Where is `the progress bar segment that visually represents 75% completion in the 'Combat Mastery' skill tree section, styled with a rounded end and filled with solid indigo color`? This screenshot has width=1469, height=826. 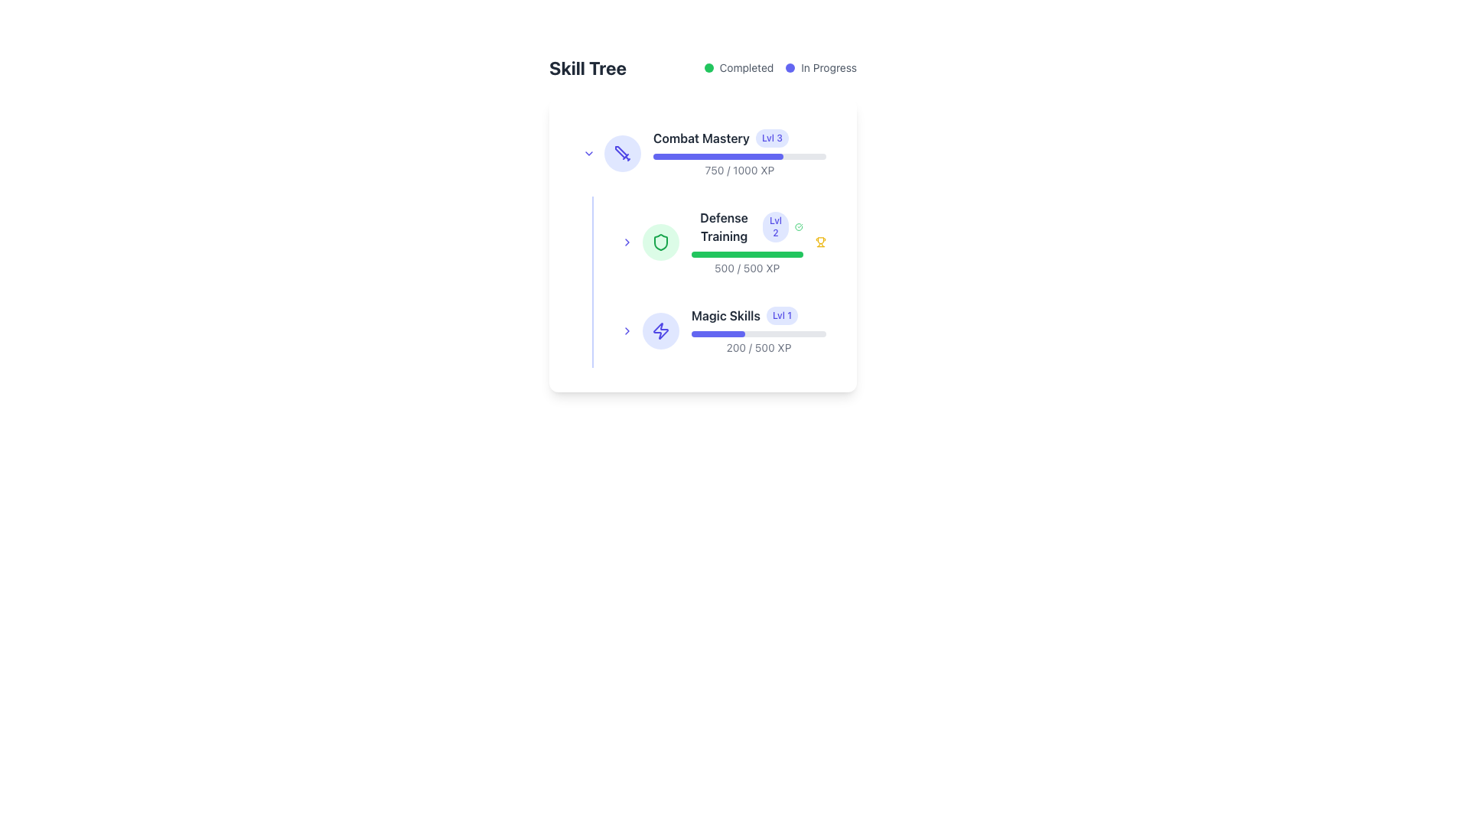
the progress bar segment that visually represents 75% completion in the 'Combat Mastery' skill tree section, styled with a rounded end and filled with solid indigo color is located at coordinates (717, 156).